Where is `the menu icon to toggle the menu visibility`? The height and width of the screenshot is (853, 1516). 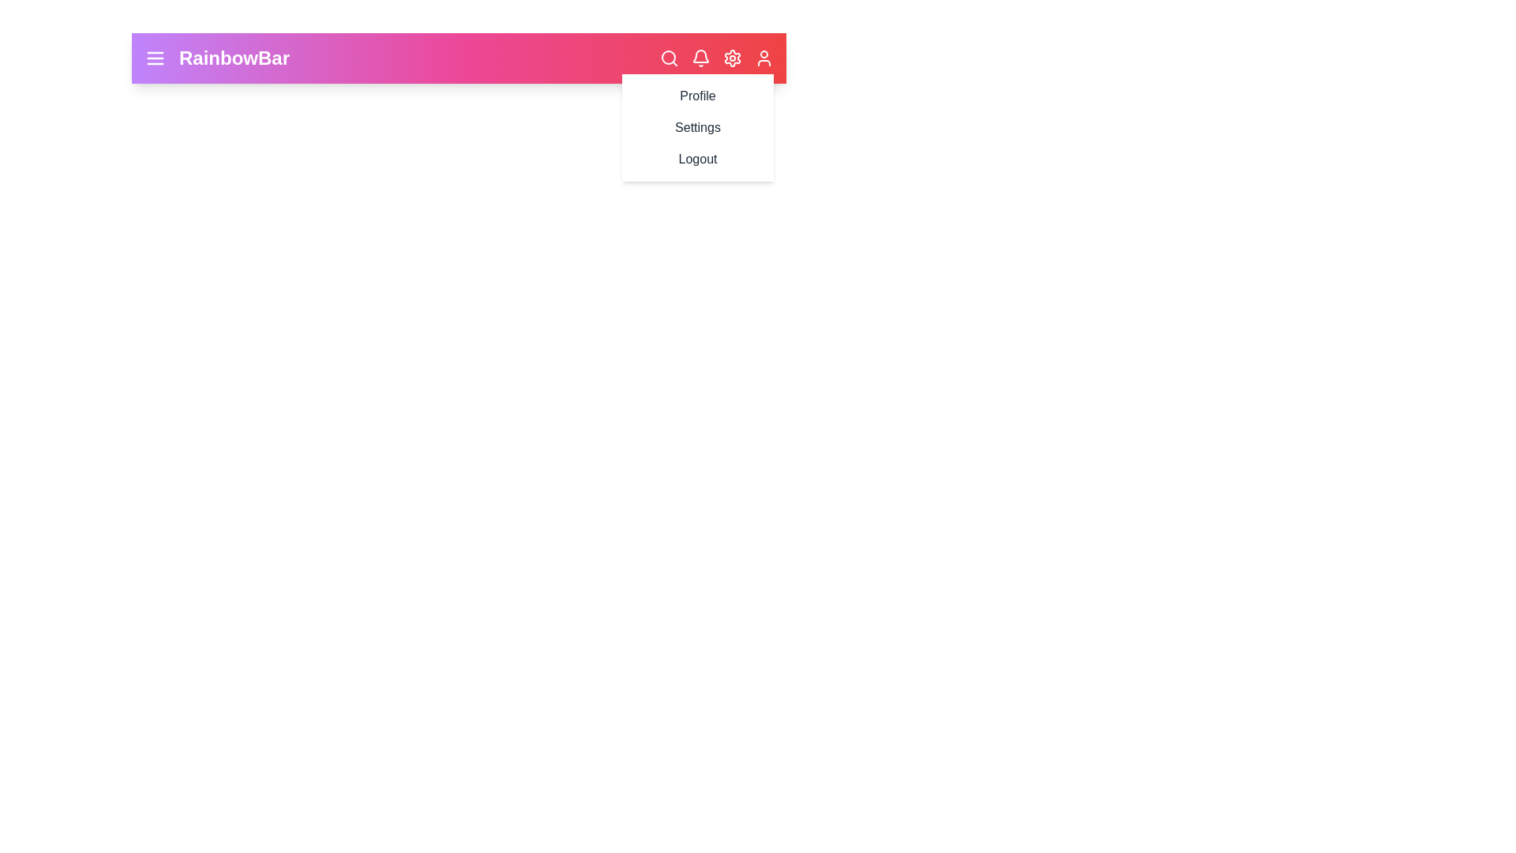 the menu icon to toggle the menu visibility is located at coordinates (155, 57).